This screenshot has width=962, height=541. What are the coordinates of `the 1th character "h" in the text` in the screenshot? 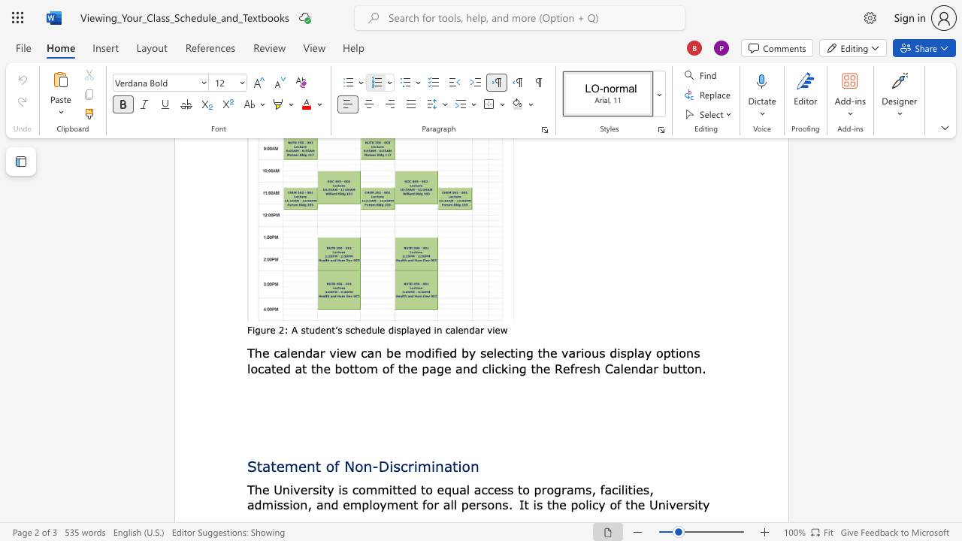 It's located at (545, 352).